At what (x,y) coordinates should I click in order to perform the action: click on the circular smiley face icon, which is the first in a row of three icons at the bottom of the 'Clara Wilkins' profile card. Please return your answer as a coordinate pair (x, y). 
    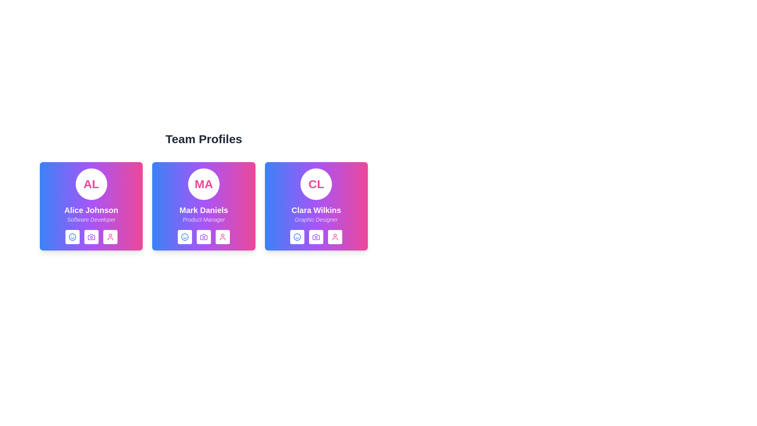
    Looking at the image, I should click on (297, 237).